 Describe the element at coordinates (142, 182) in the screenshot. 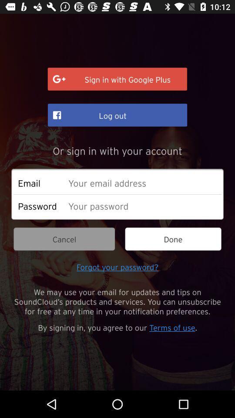

I see `email` at that location.